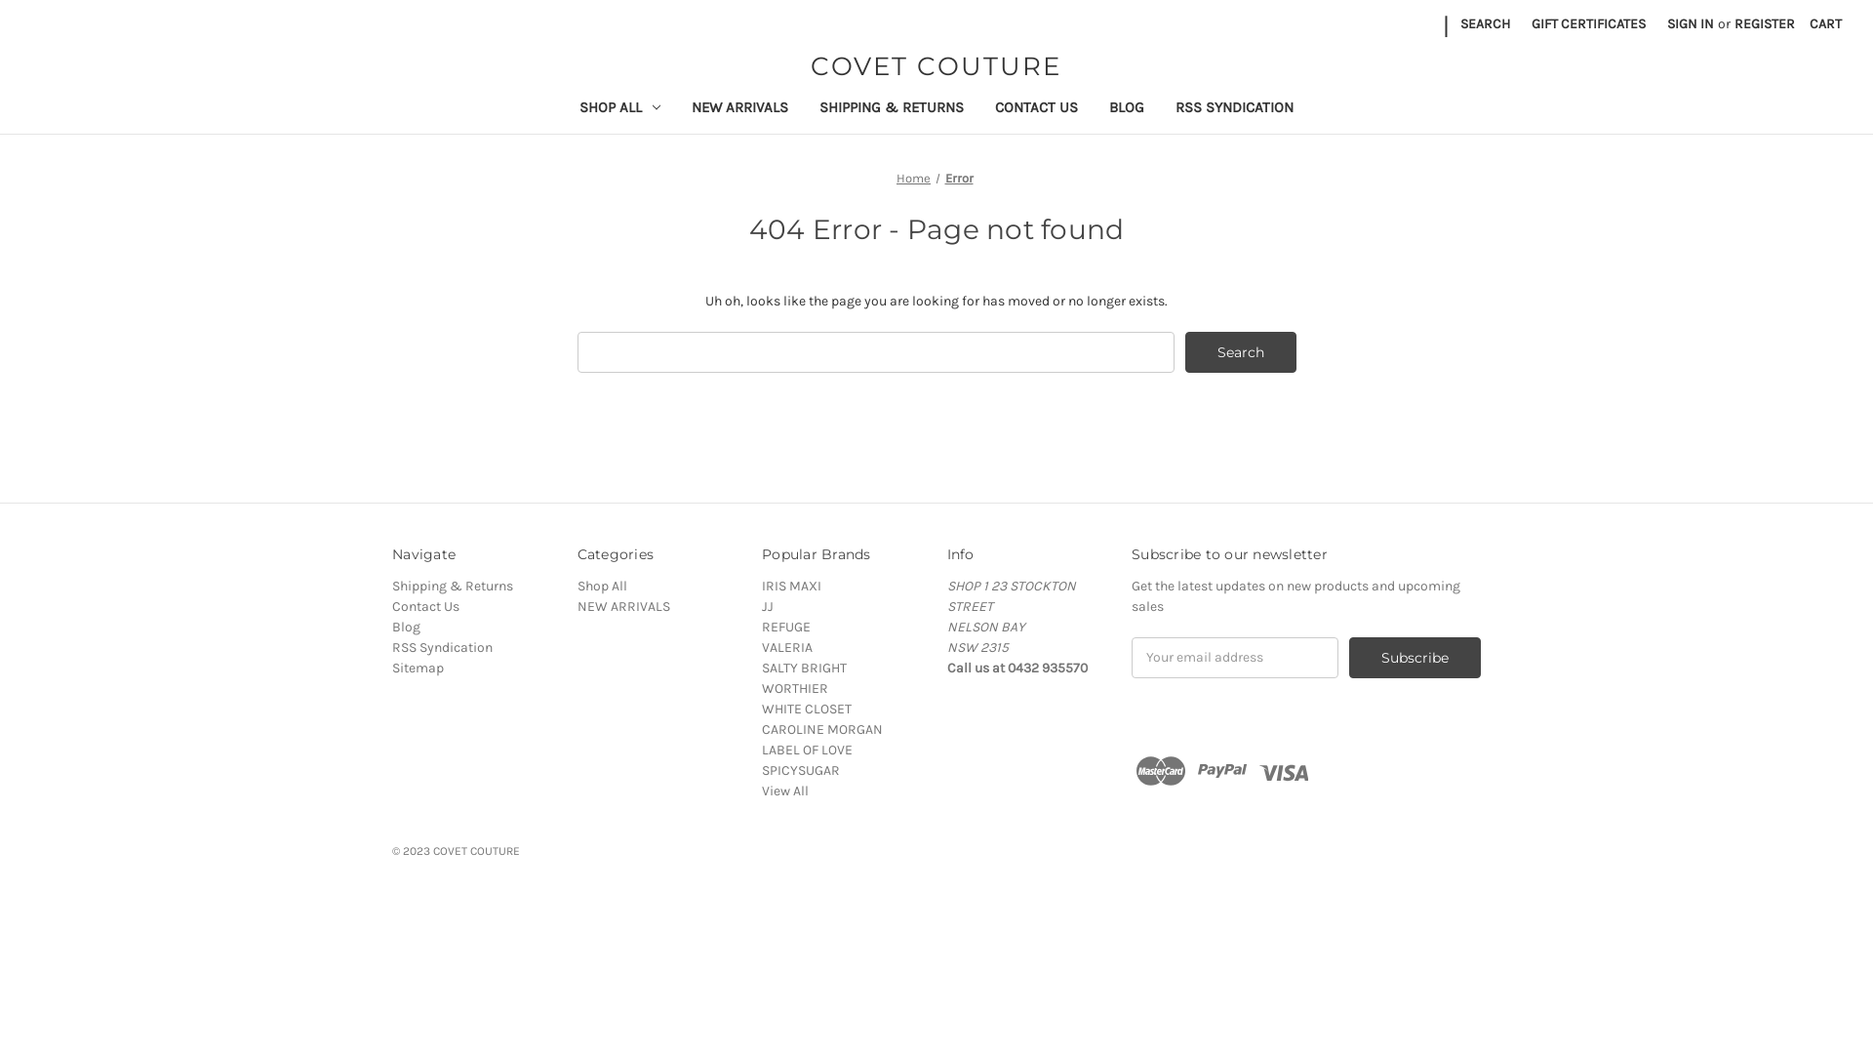 This screenshot has height=1054, width=1873. I want to click on 'SHOP ALL', so click(618, 109).